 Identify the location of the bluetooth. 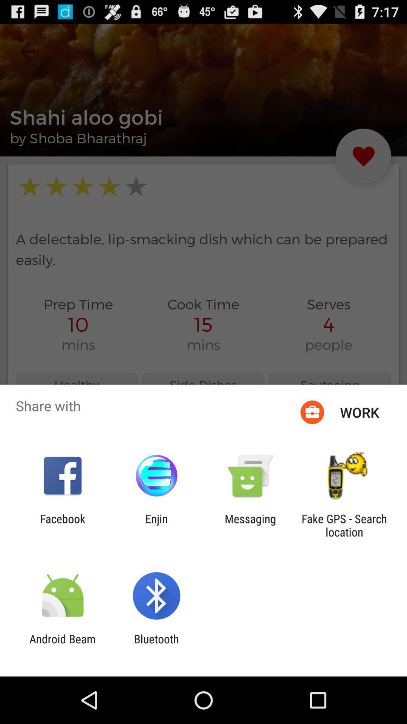
(156, 645).